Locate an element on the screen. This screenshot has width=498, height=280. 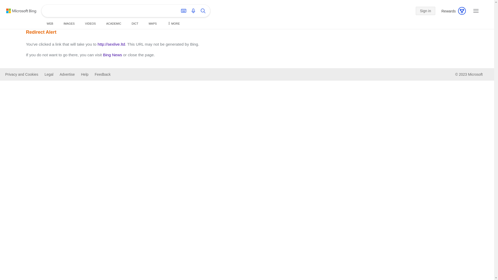
'Advertise' is located at coordinates (67, 74).